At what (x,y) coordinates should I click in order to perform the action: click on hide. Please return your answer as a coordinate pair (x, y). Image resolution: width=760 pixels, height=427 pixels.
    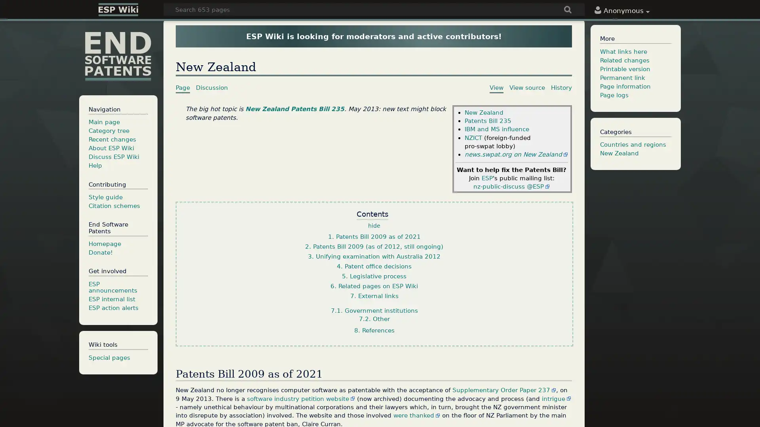
    Looking at the image, I should click on (374, 226).